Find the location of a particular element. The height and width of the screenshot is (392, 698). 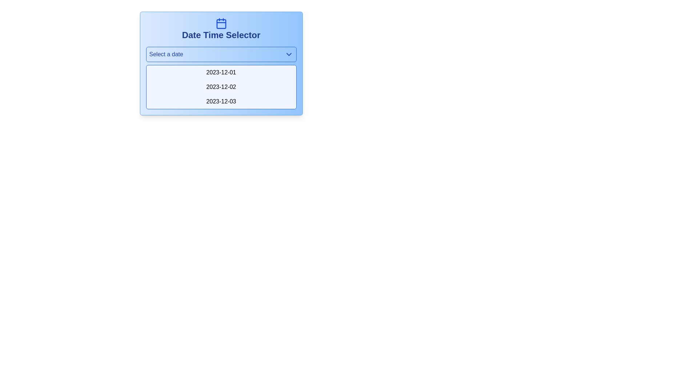

the decorative graphical component of the calendar icon located centrally above the 'Date Time Selector' label is located at coordinates (221, 24).